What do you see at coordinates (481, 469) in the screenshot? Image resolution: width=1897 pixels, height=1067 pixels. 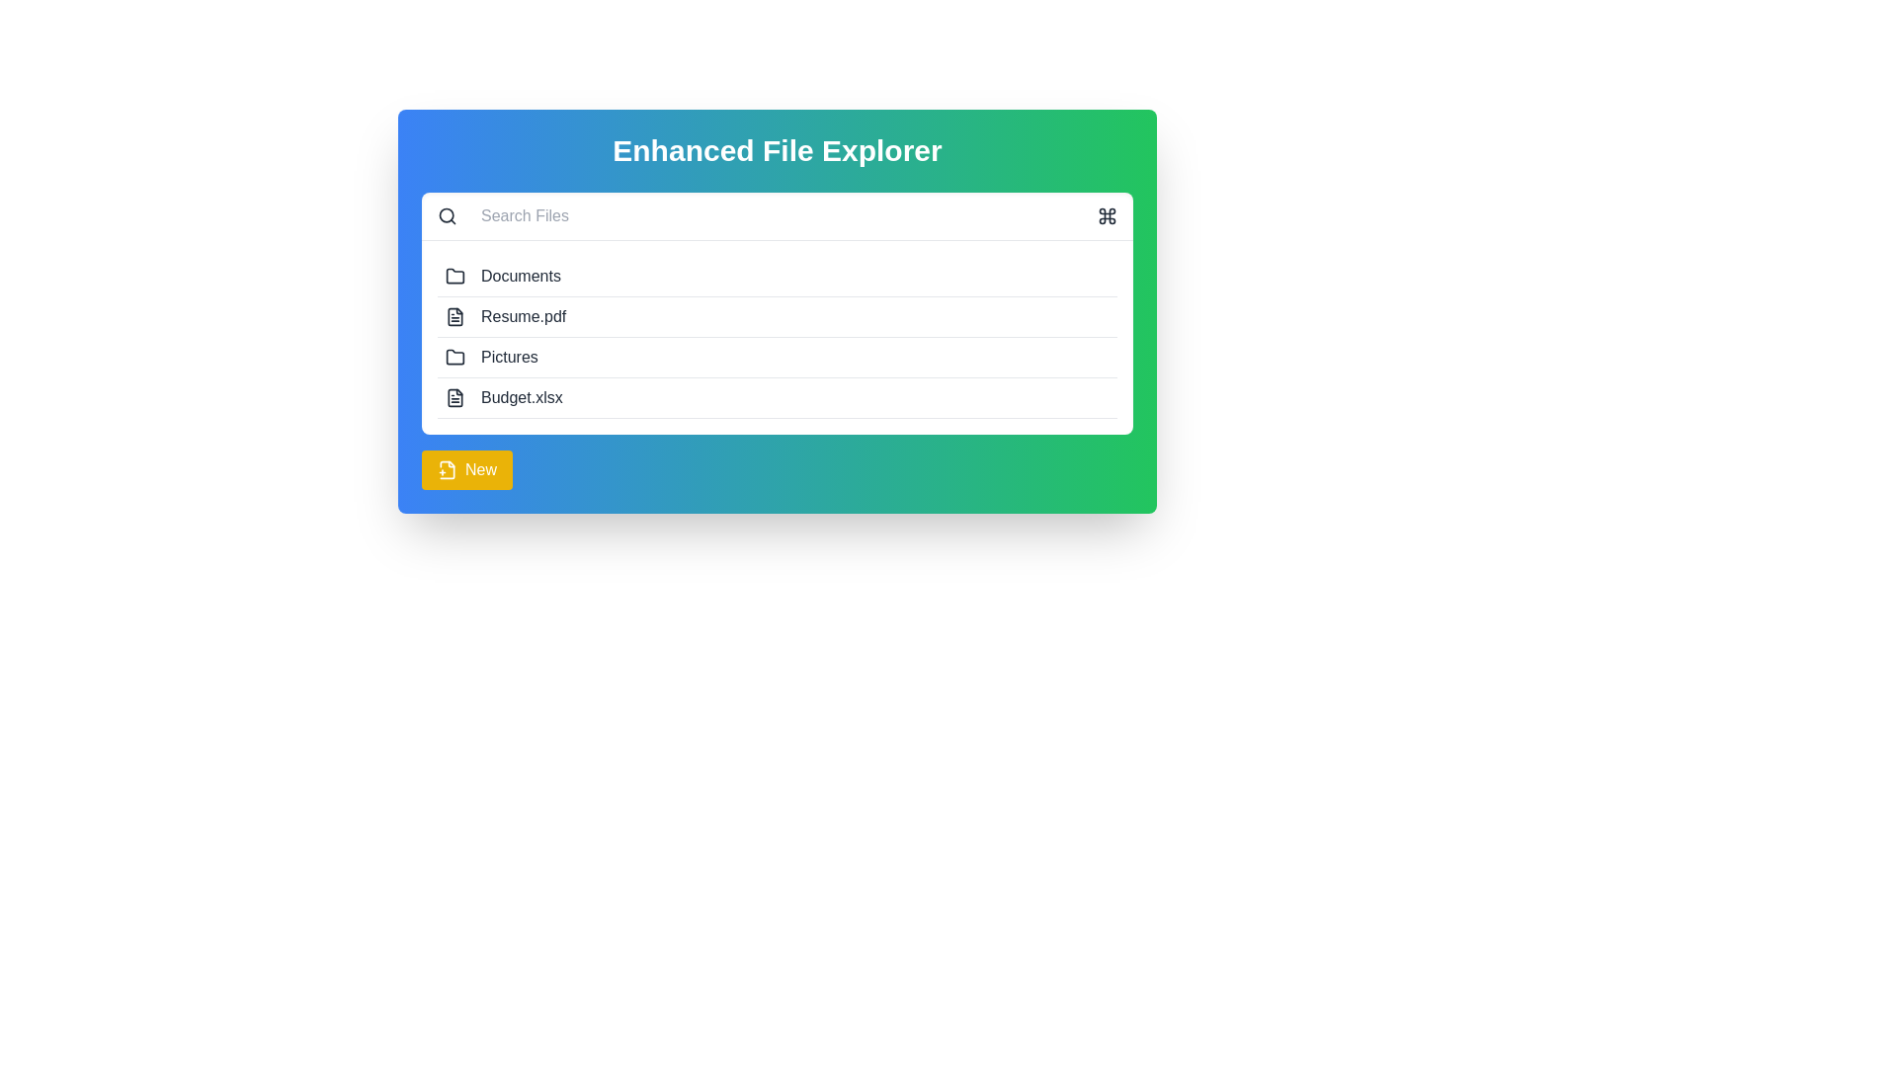 I see `the 'New' button located at the bottom-left corner of the main interface` at bounding box center [481, 469].